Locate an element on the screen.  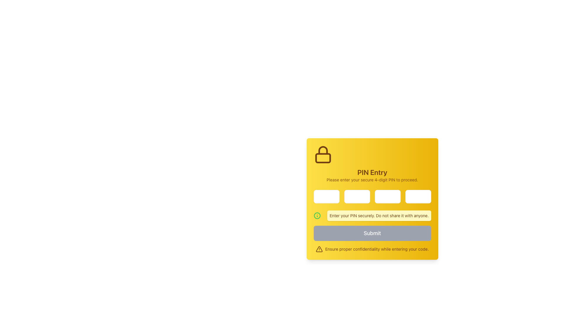
the password input field located within the 'PIN Entry' card to focus the input for entering a PIN code is located at coordinates (326, 197).